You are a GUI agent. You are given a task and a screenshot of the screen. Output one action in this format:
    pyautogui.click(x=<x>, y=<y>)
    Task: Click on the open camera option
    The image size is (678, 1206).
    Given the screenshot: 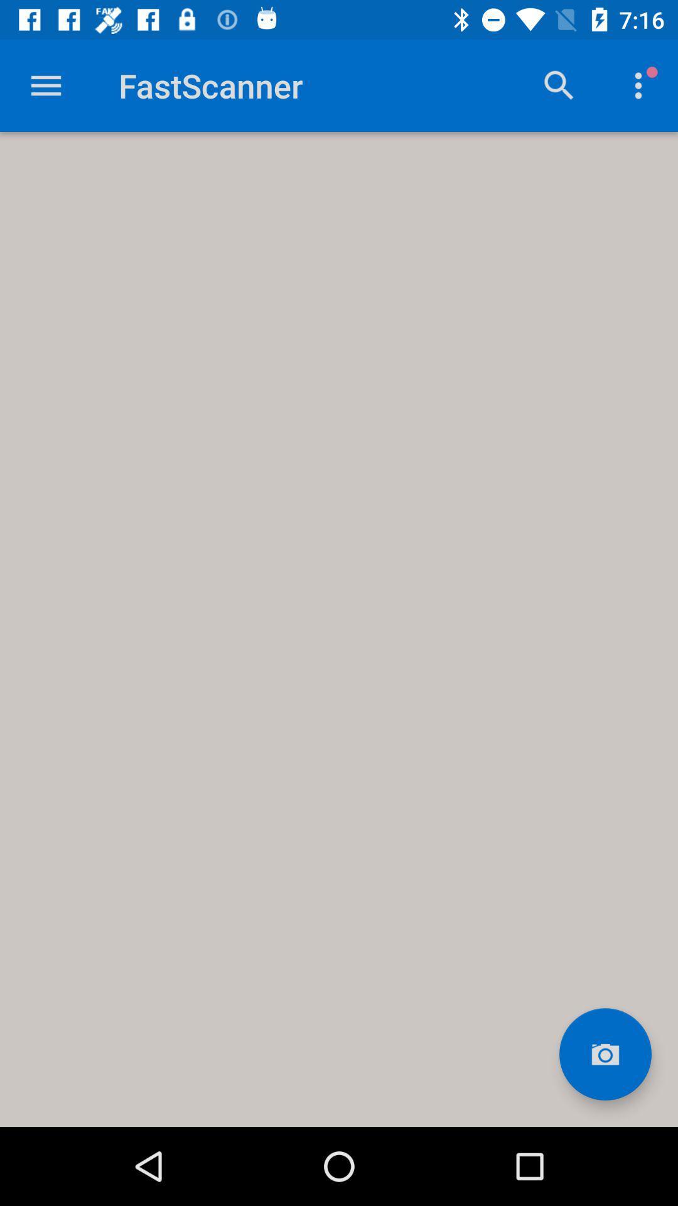 What is the action you would take?
    pyautogui.click(x=605, y=1054)
    